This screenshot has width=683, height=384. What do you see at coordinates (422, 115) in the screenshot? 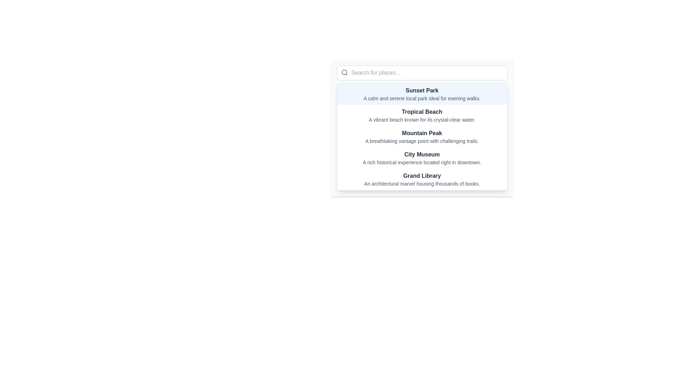
I see `the second list item displaying 'Tropical Beach' with a bold title and a lighter subtitle` at bounding box center [422, 115].